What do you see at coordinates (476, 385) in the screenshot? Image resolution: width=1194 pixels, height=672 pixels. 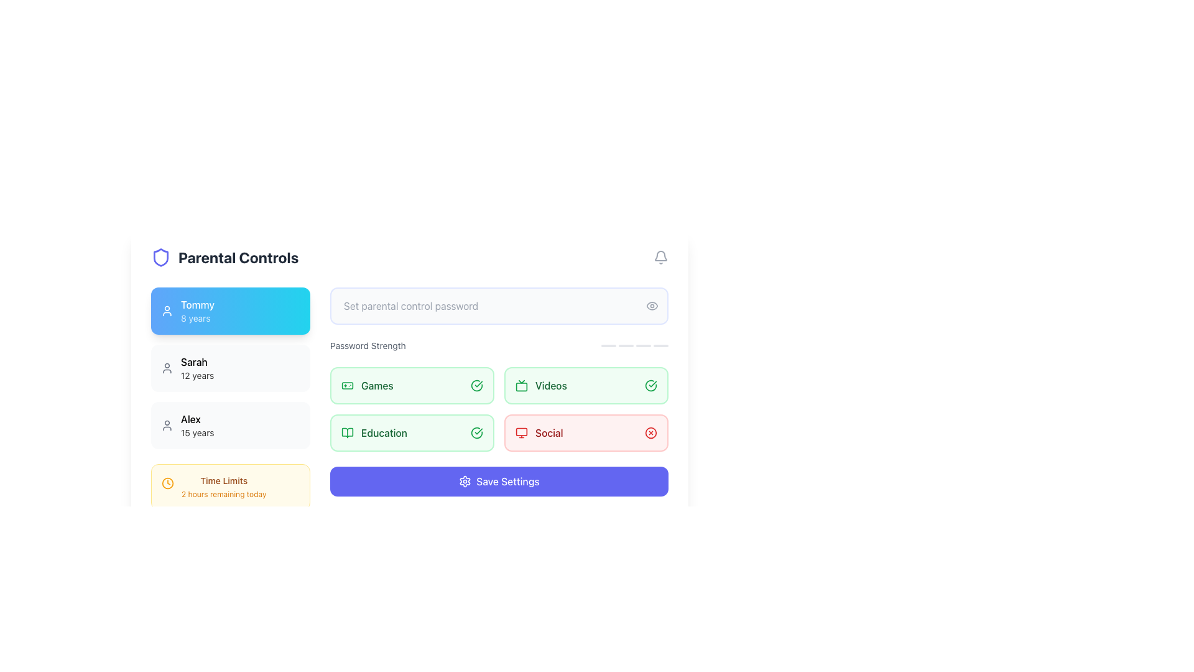 I see `the green circular icon with a checkmark located next to the 'Games' label` at bounding box center [476, 385].